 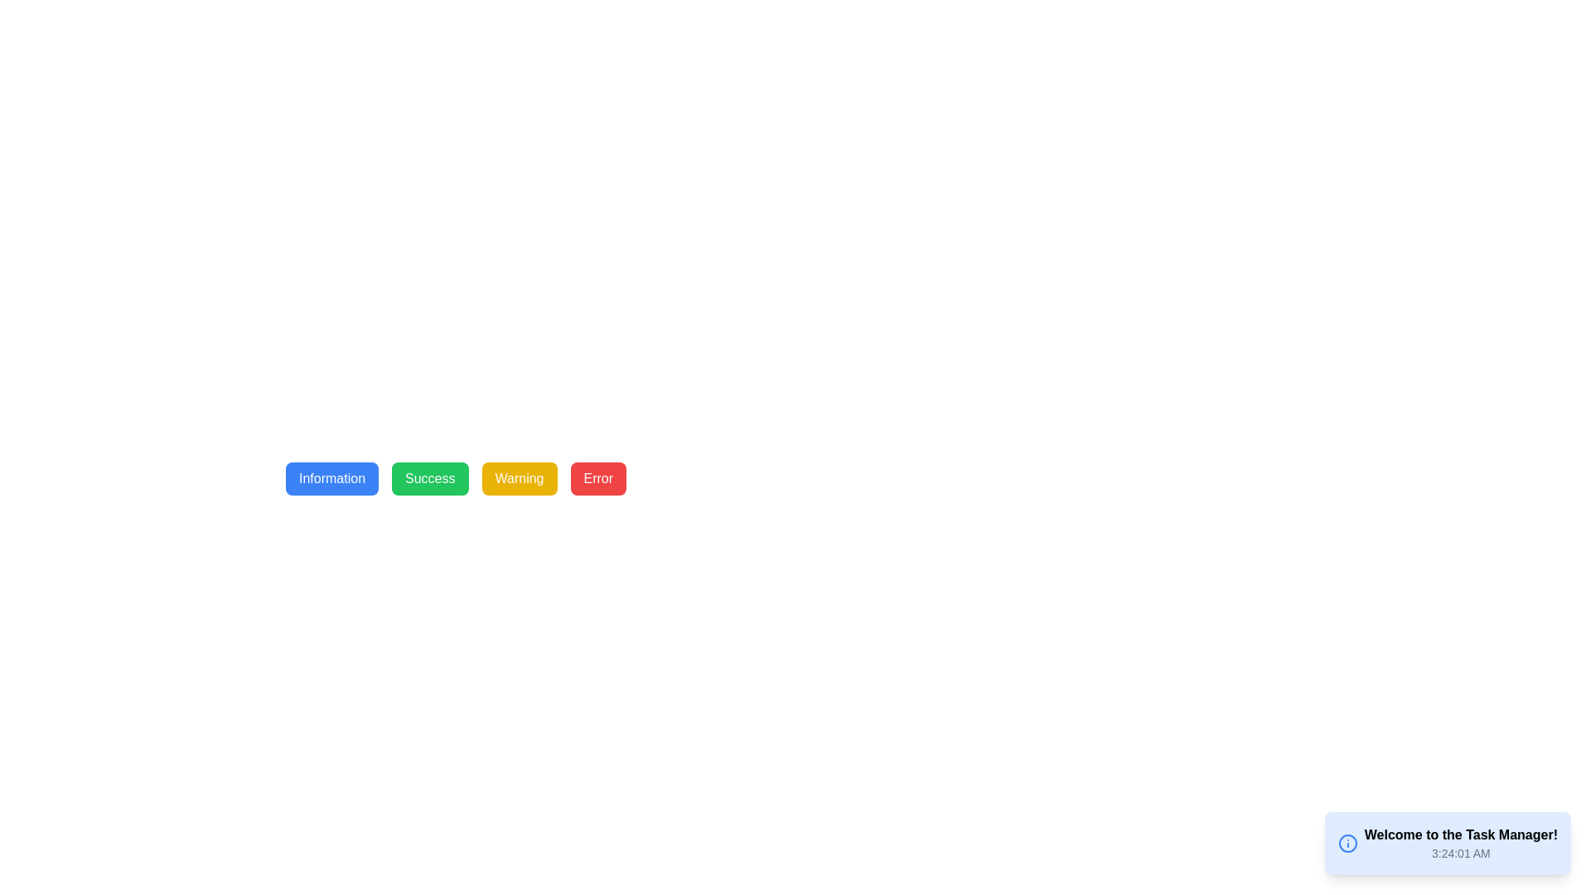 What do you see at coordinates (597, 479) in the screenshot?
I see `the red button labeled 'Error'` at bounding box center [597, 479].